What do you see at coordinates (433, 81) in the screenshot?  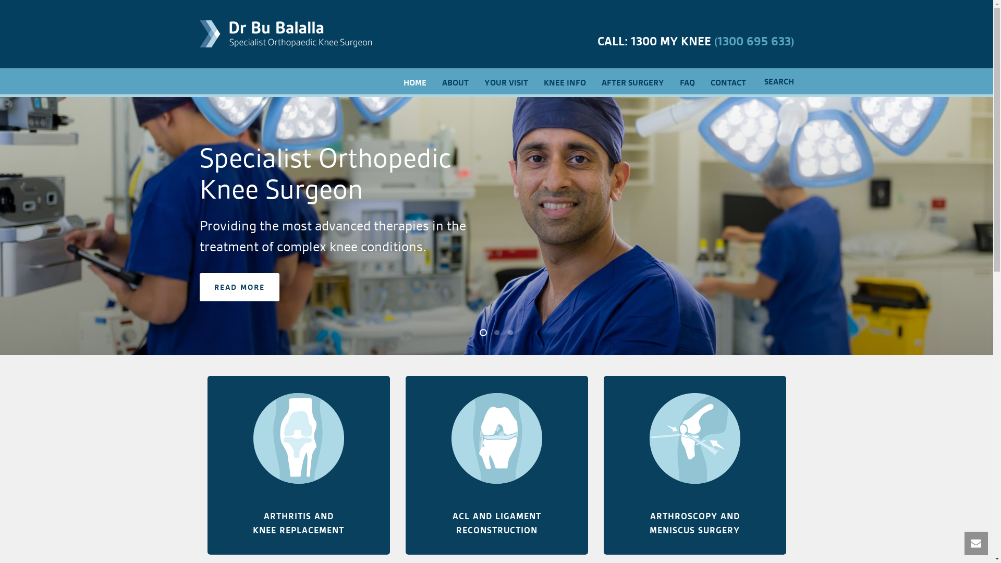 I see `'ABOUT'` at bounding box center [433, 81].